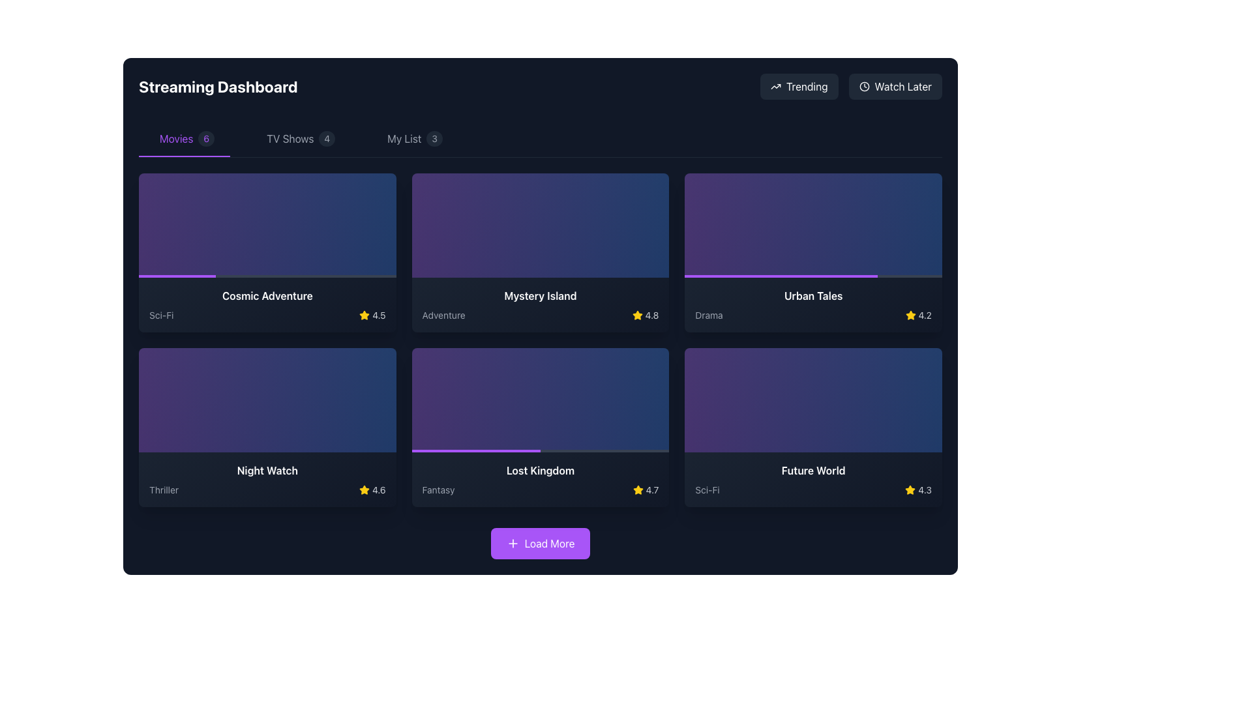 Image resolution: width=1252 pixels, height=704 pixels. Describe the element at coordinates (365, 315) in the screenshot. I see `the star icon with a yellow fill color located in the rating section of the 'Night Watch' card, immediately following the rating value (4.6)` at that location.